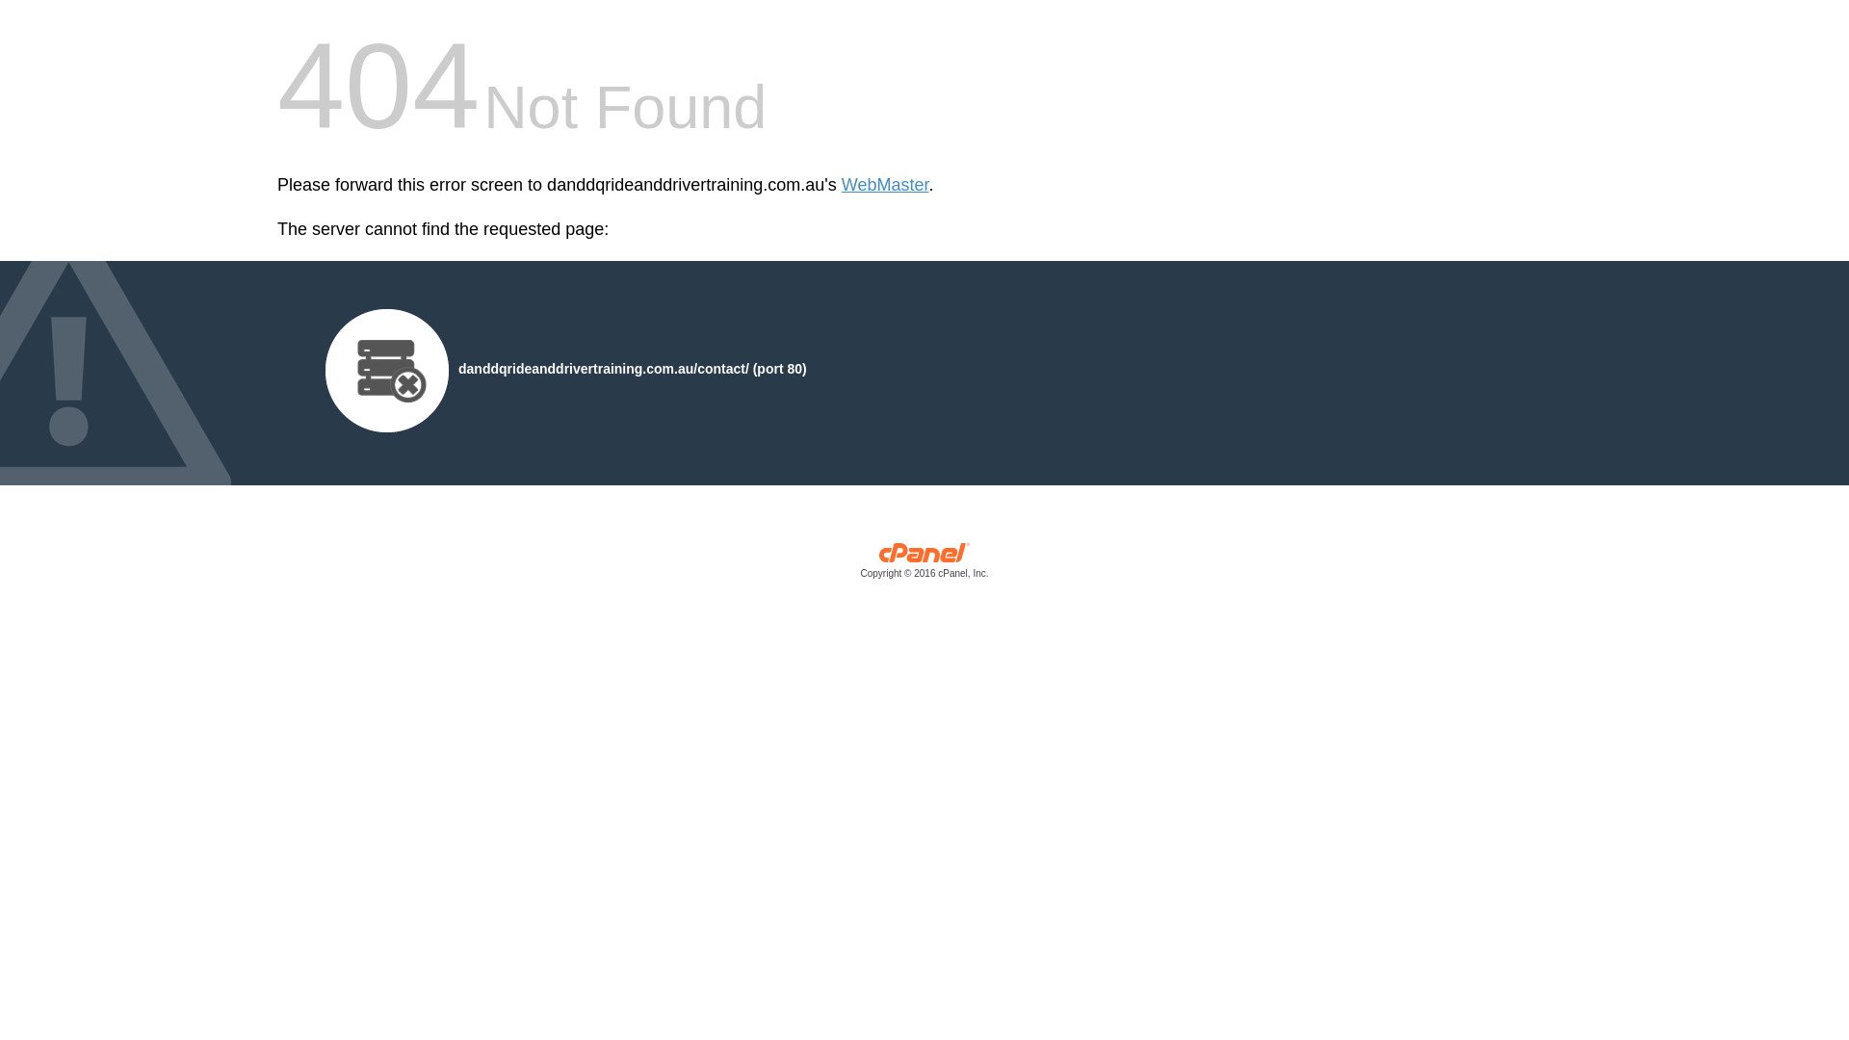 The width and height of the screenshot is (1849, 1040). I want to click on 'WebMaster', so click(884, 185).